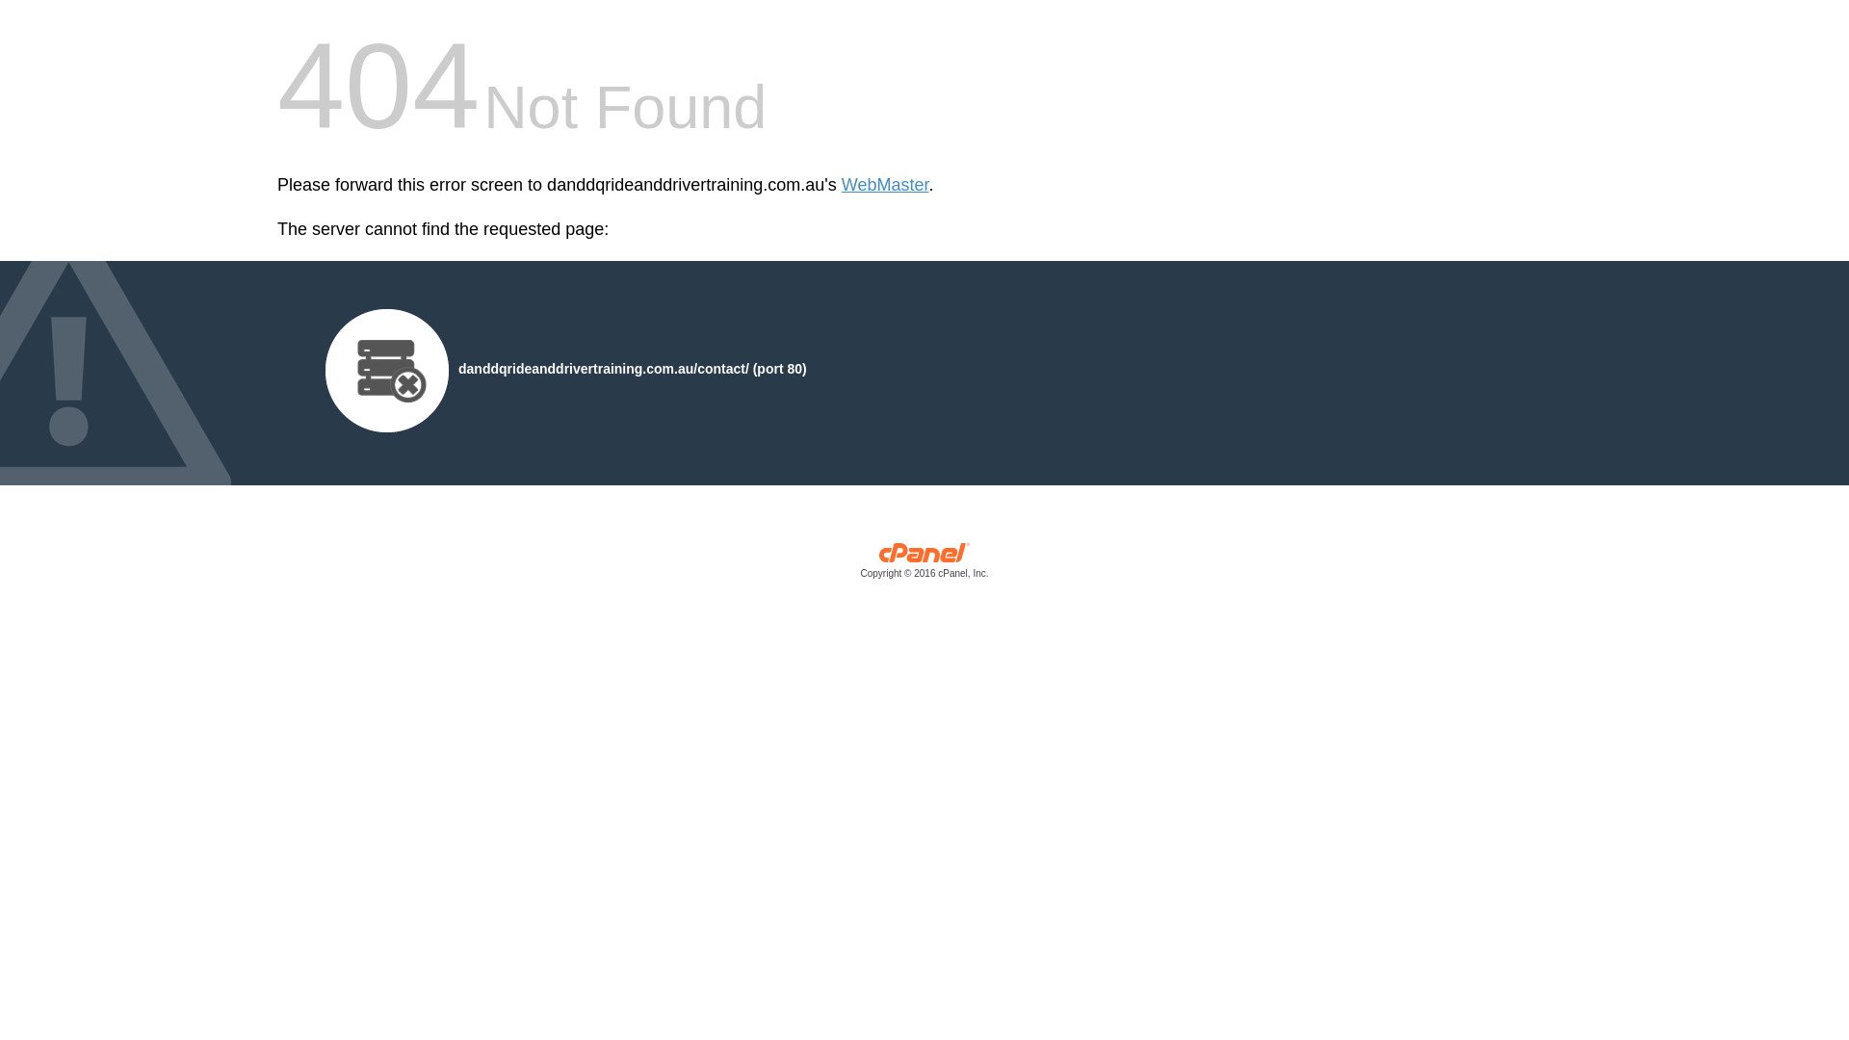 The width and height of the screenshot is (1849, 1040). I want to click on 'WebMaster', so click(884, 185).